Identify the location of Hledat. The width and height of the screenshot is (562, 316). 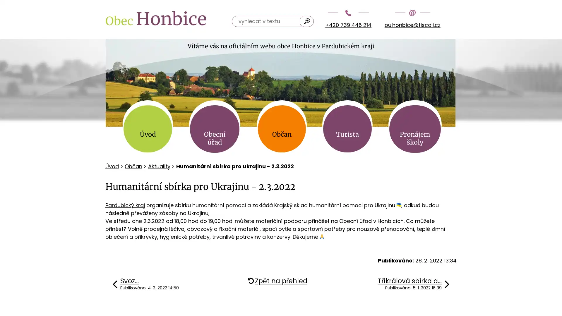
(307, 21).